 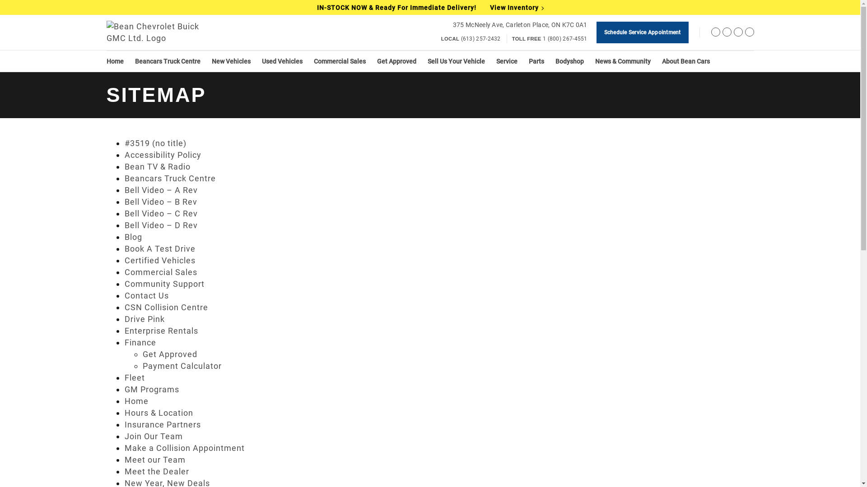 What do you see at coordinates (715, 33) in the screenshot?
I see `'https://www.facebook.com/beancarsca/'` at bounding box center [715, 33].